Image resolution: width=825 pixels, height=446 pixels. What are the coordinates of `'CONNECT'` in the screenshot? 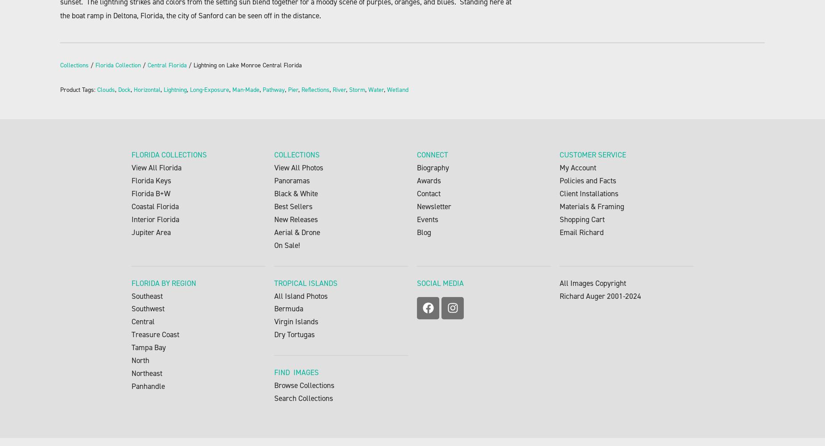 It's located at (432, 154).